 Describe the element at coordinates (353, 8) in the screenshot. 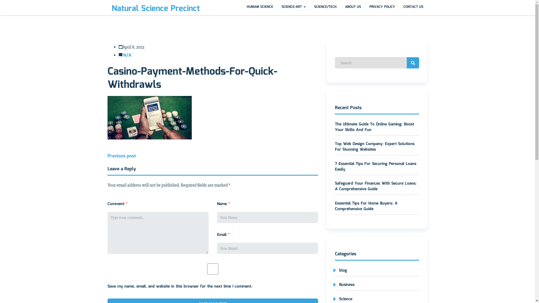

I see `'ABOUT US'` at that location.